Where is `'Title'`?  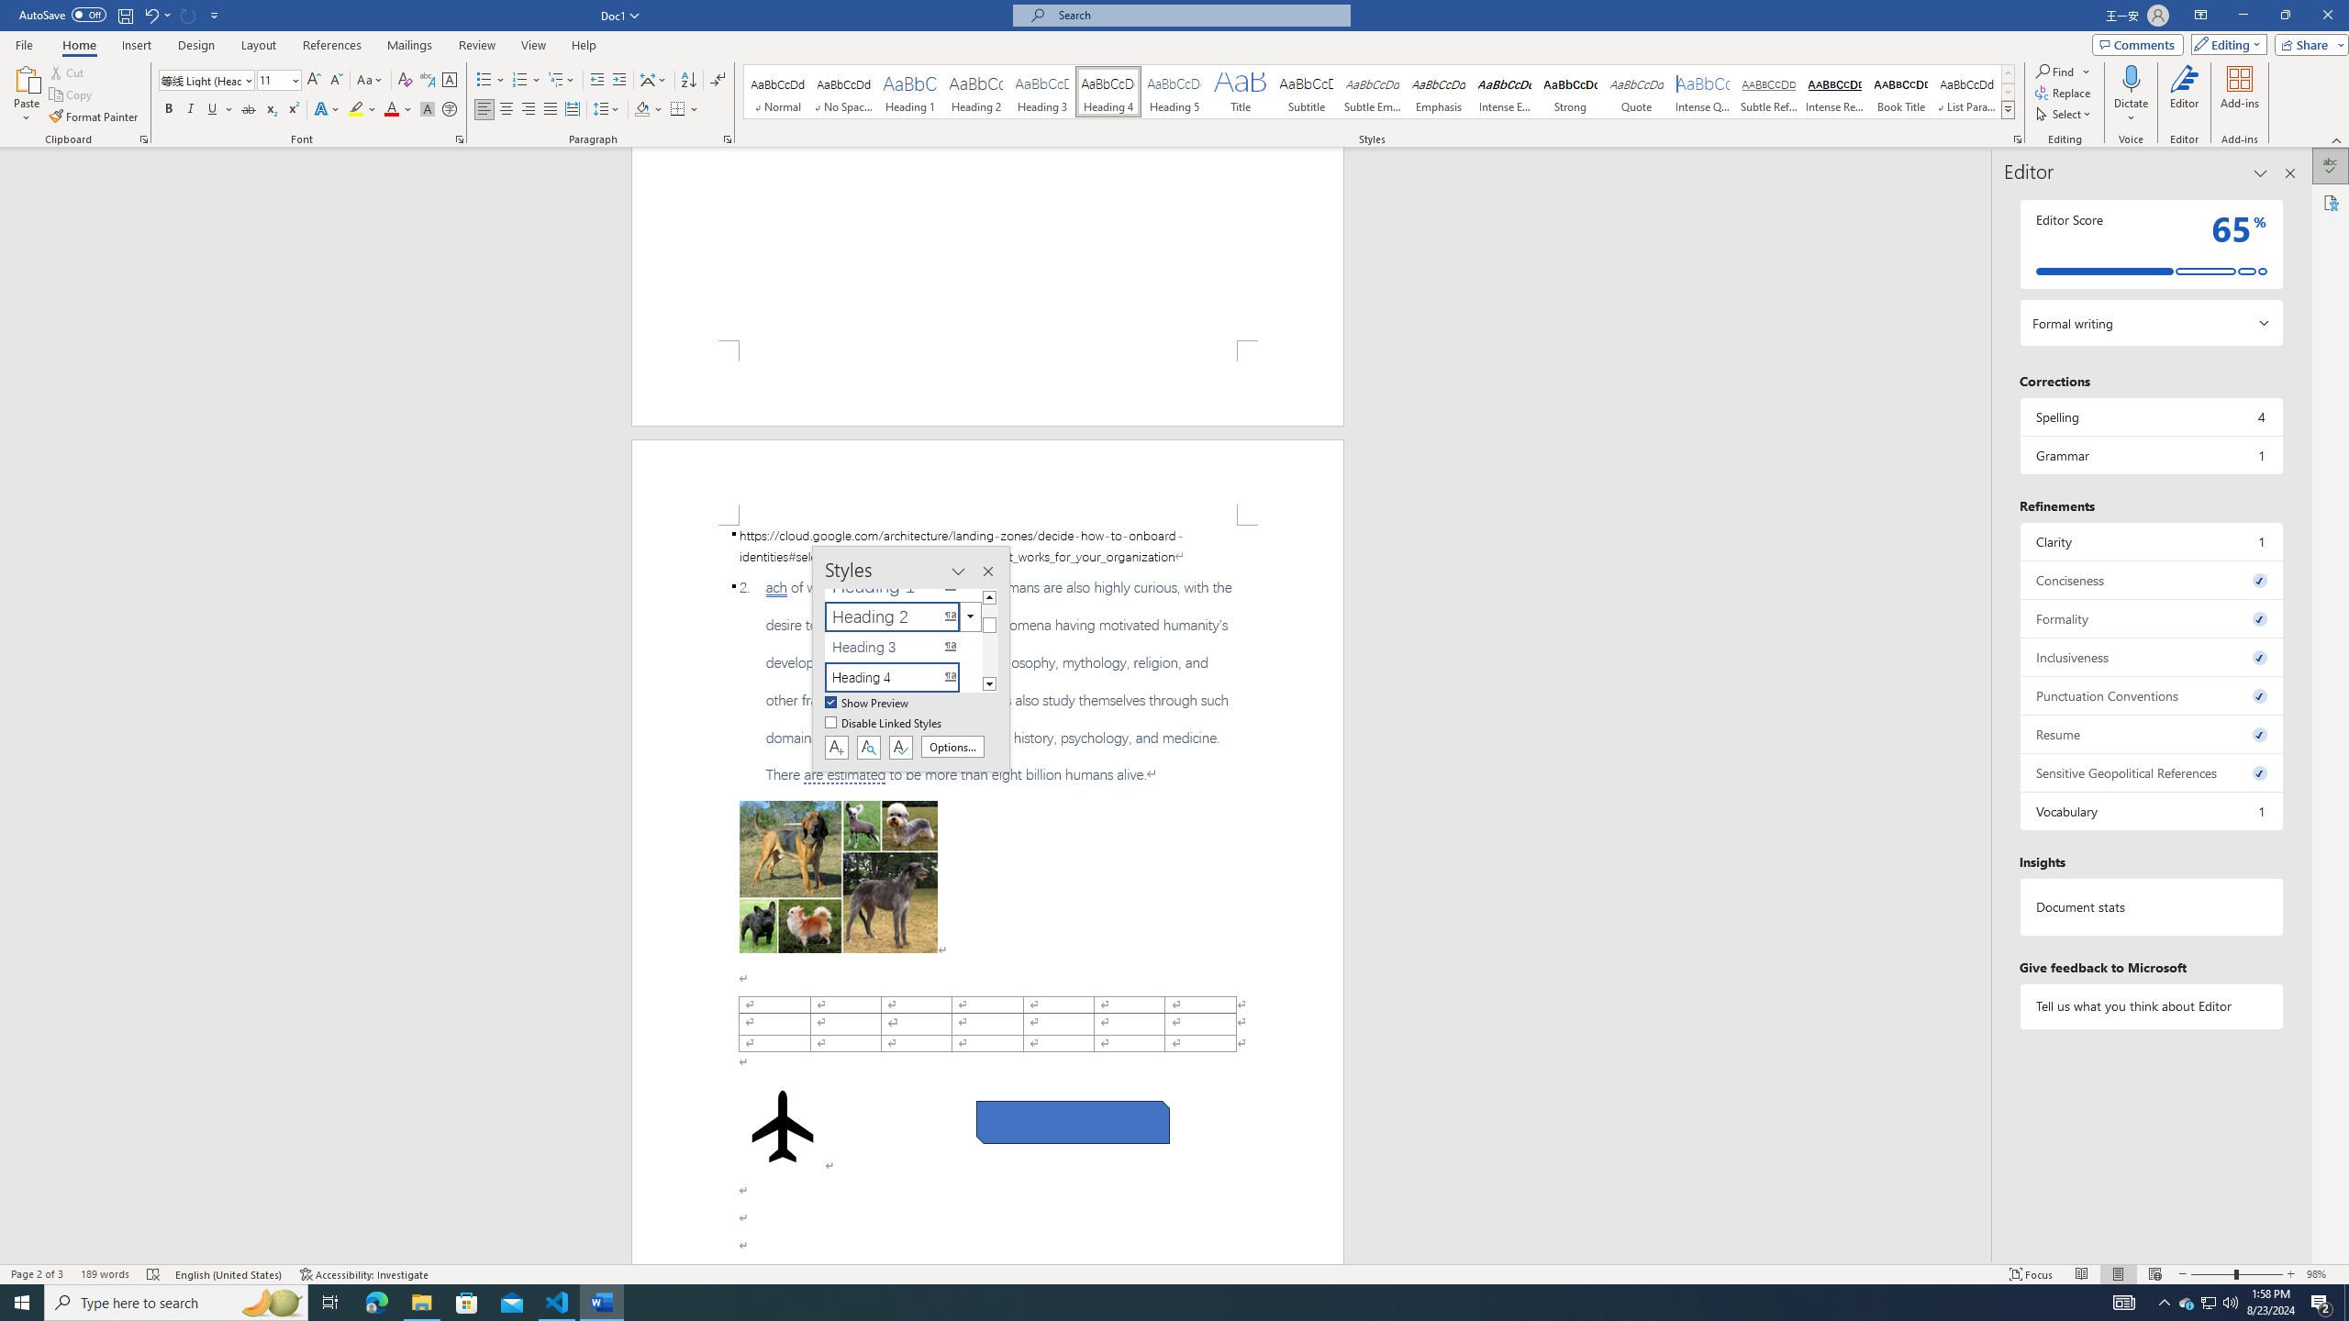
'Title' is located at coordinates (1239, 91).